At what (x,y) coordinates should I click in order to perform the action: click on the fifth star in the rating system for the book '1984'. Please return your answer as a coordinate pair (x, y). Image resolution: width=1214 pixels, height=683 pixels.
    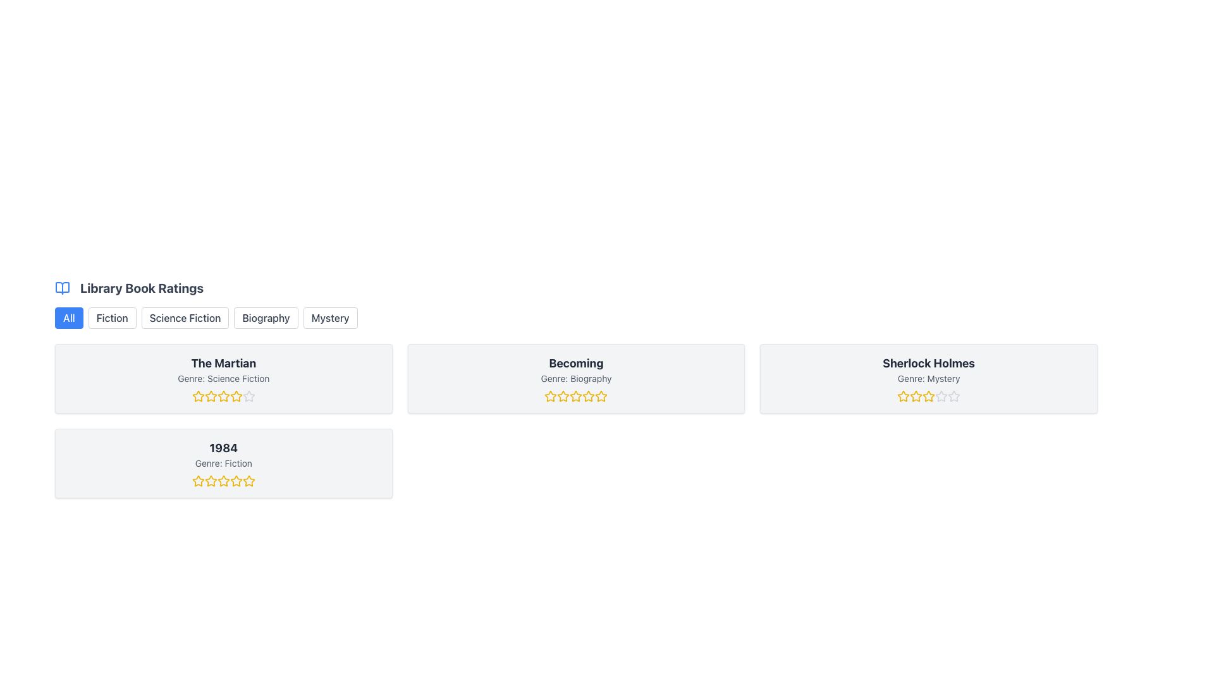
    Looking at the image, I should click on (248, 481).